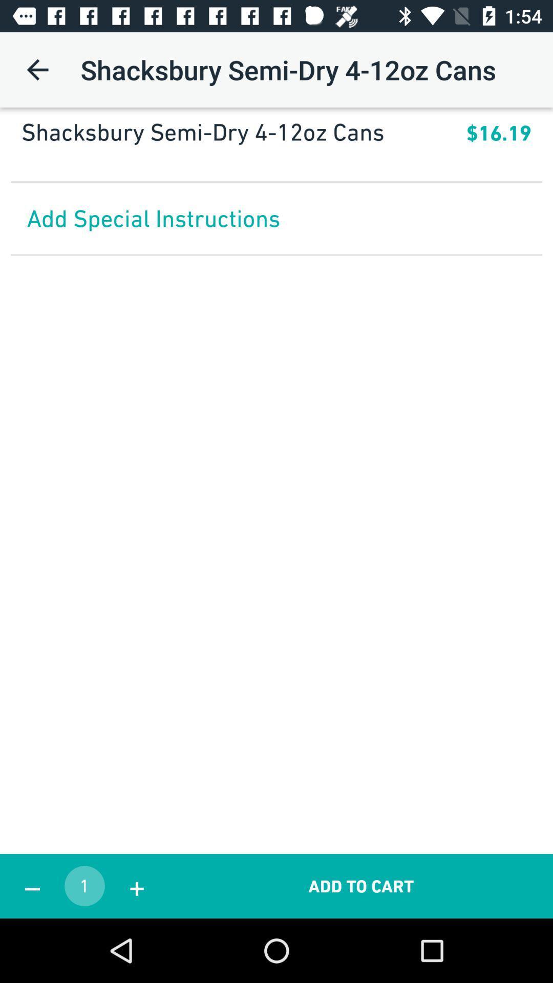 This screenshot has height=983, width=553. I want to click on the app to the left of the shacksbury semi dry, so click(37, 69).